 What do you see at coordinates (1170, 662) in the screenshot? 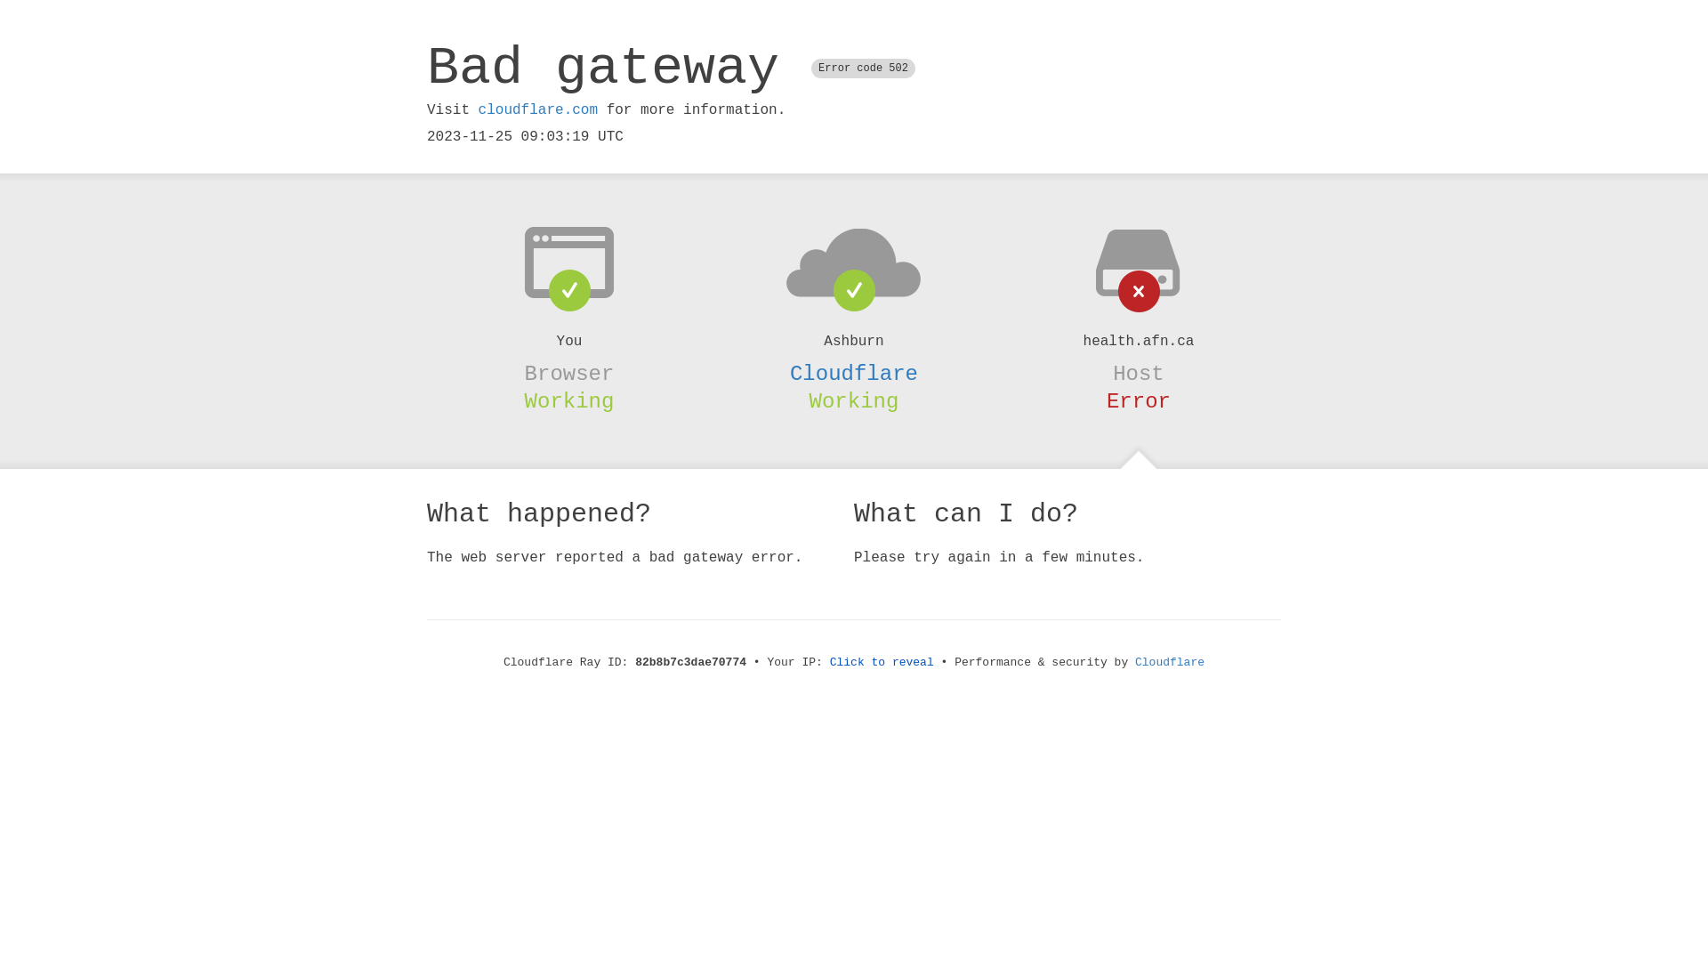
I see `'Cloudflare'` at bounding box center [1170, 662].